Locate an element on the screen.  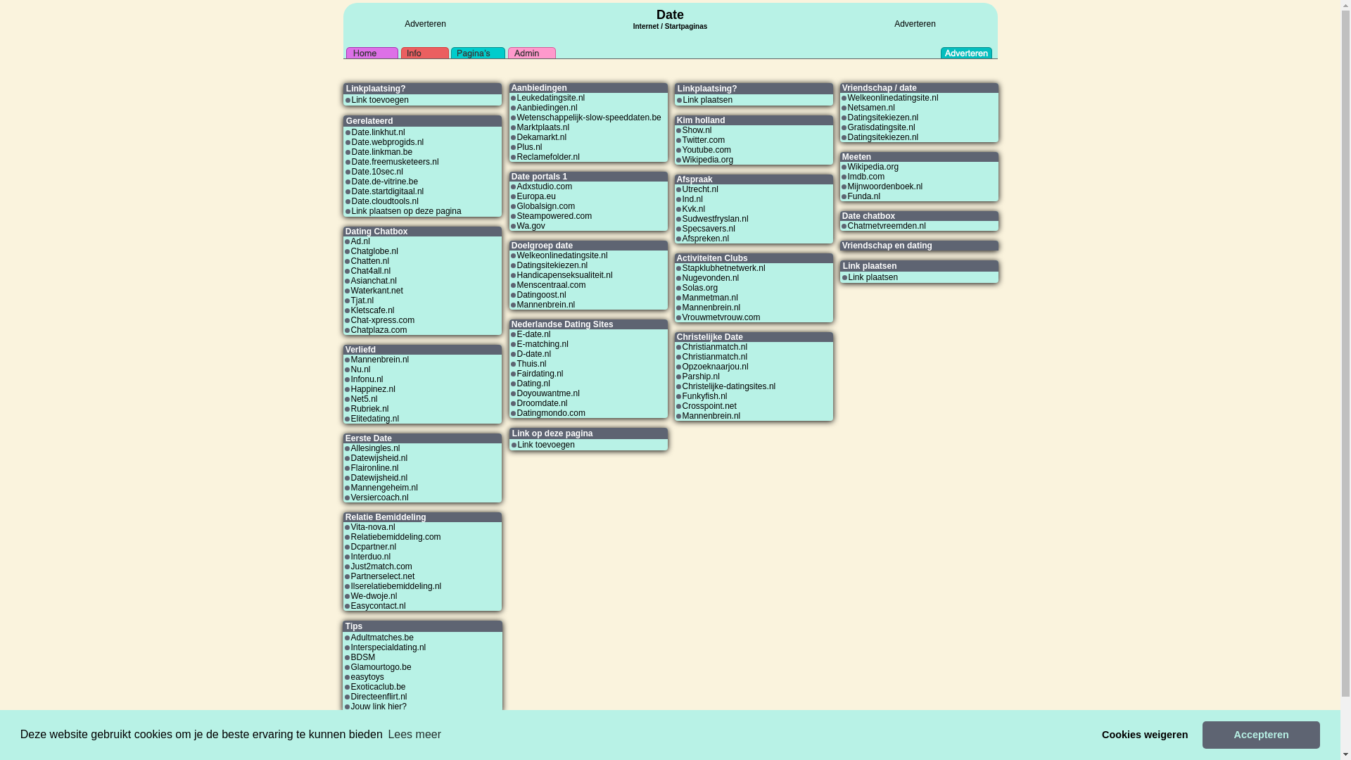
'BDSM' is located at coordinates (362, 657).